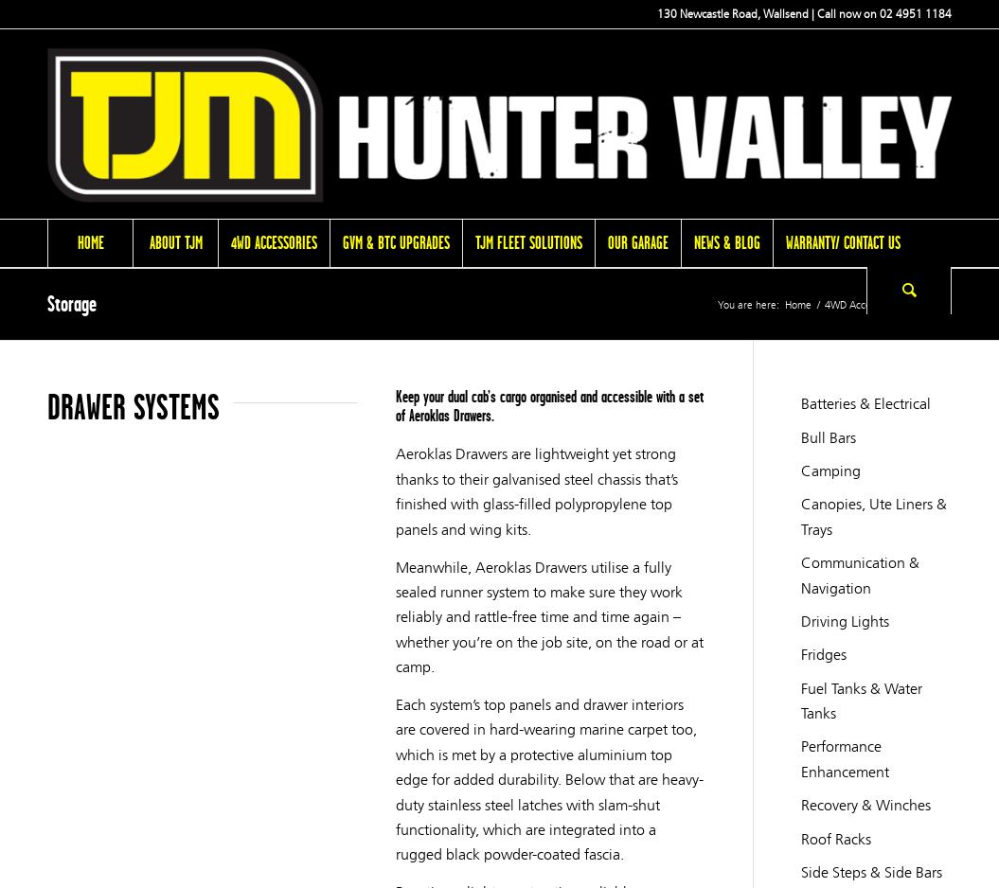  I want to click on 'GVM & BTC Upgrades', so click(395, 241).